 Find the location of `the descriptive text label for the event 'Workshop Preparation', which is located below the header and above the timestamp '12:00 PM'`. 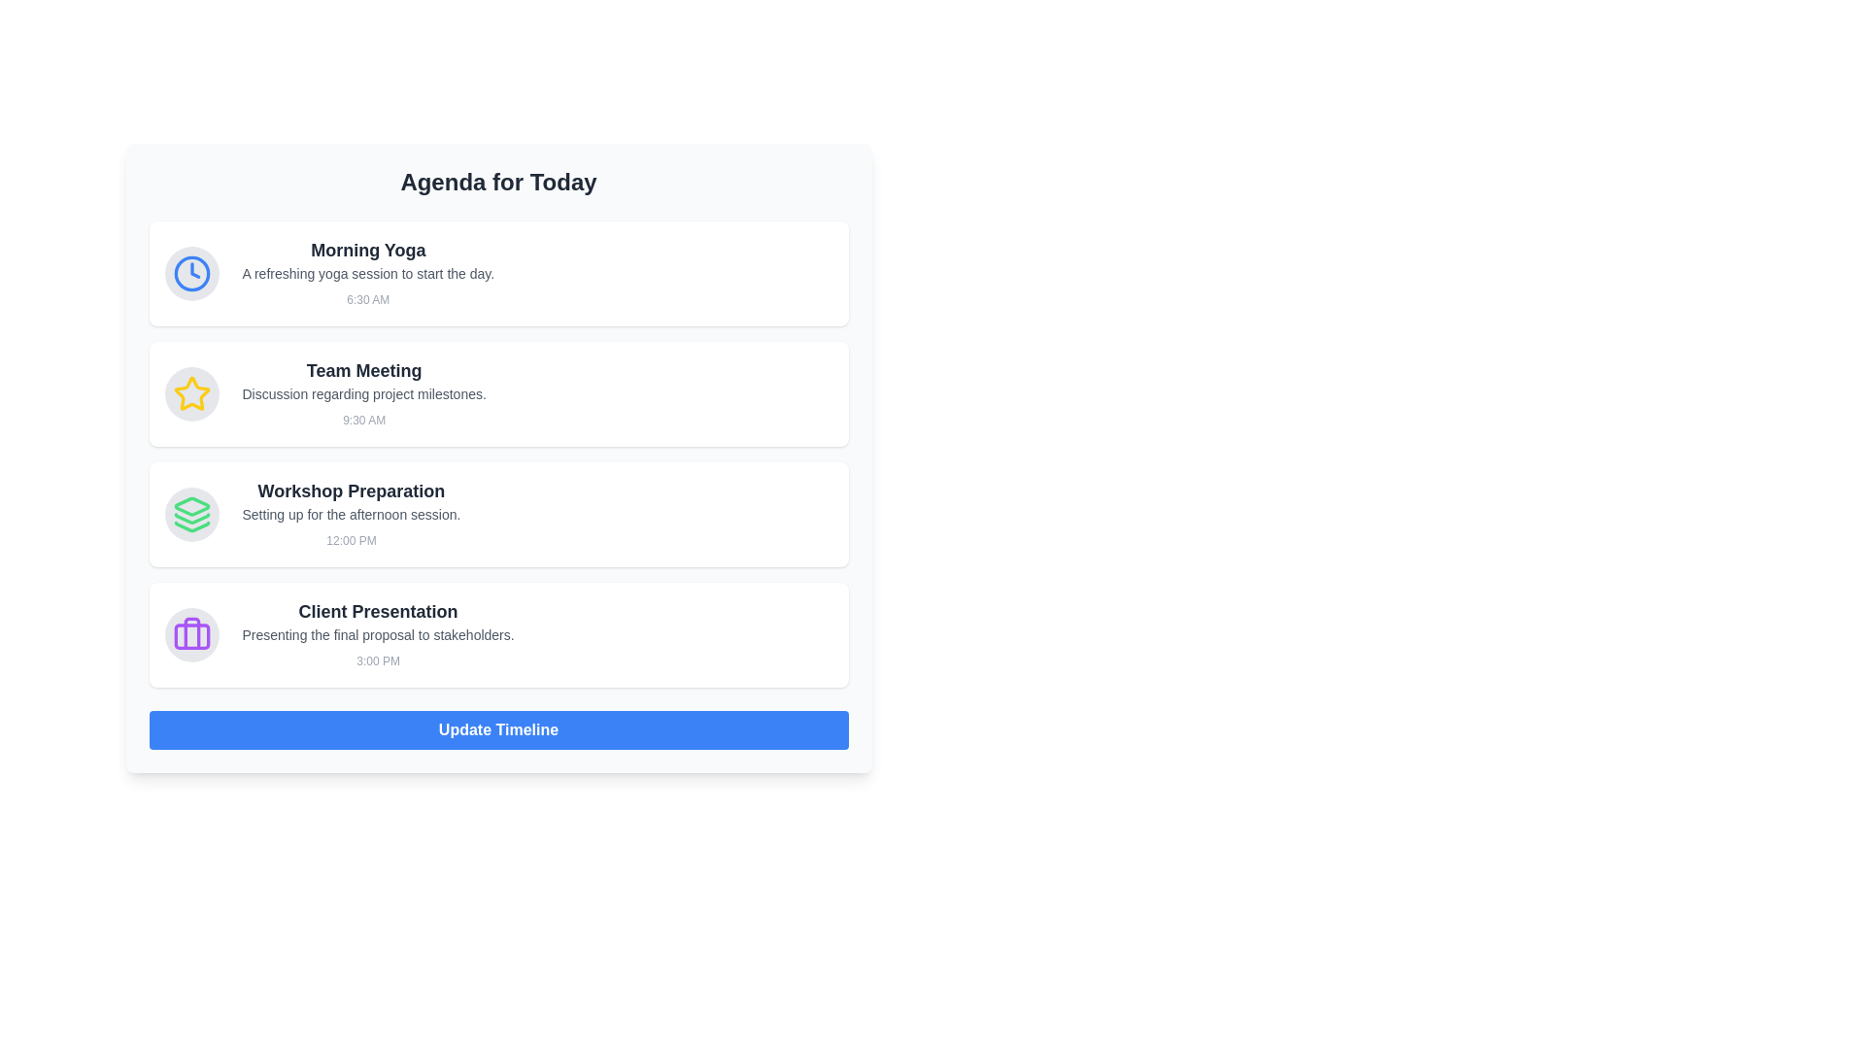

the descriptive text label for the event 'Workshop Preparation', which is located below the header and above the timestamp '12:00 PM' is located at coordinates (351, 513).